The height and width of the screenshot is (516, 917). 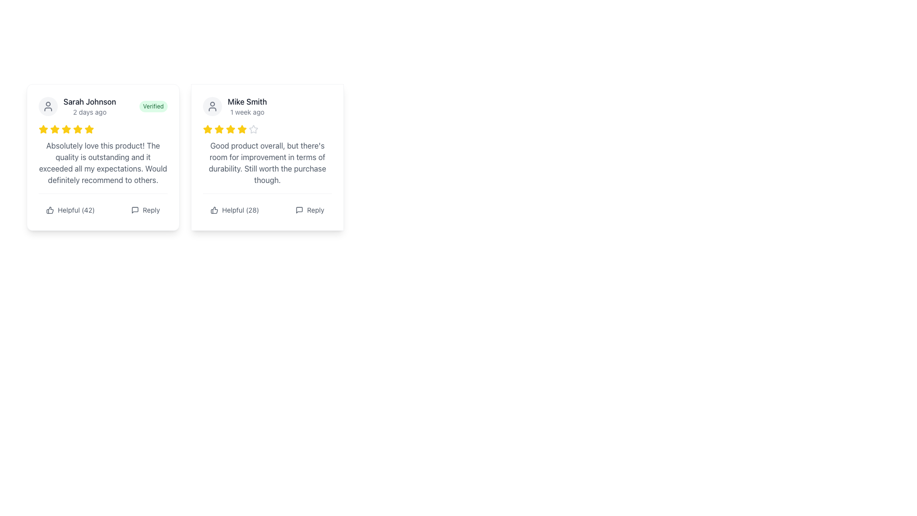 I want to click on the second golden star in the five-star rating system under the user's name, Sarah Johnson, on the review card, so click(x=66, y=129).